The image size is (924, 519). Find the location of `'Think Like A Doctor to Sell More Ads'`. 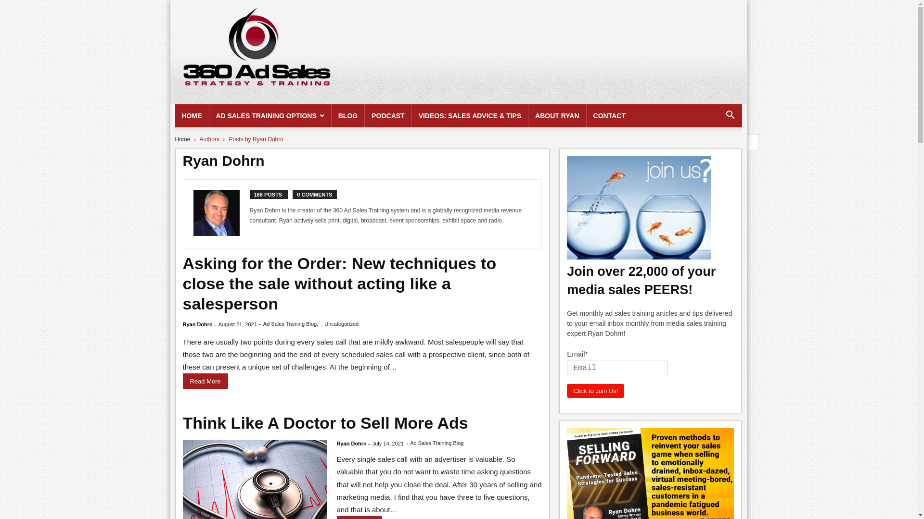

'Think Like A Doctor to Sell More Ads' is located at coordinates (325, 422).